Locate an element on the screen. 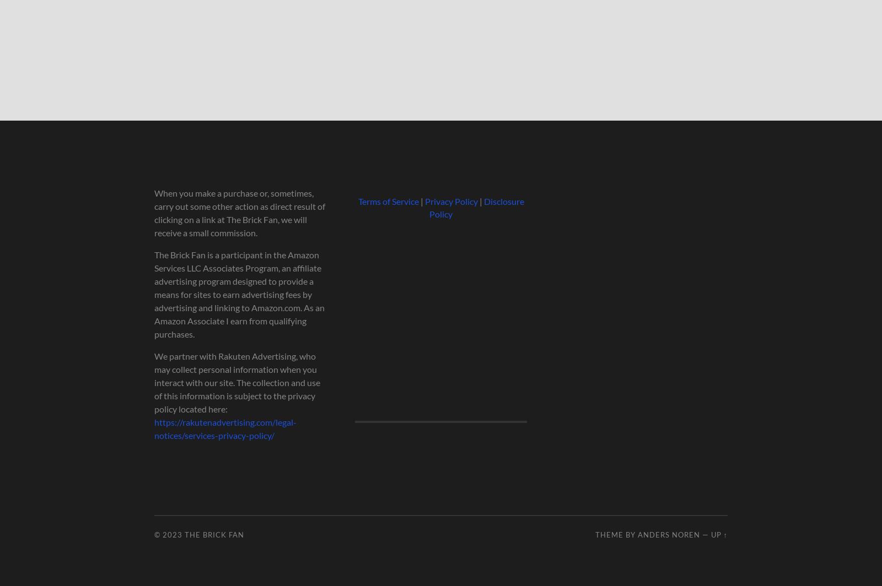  'Terms of Service' is located at coordinates (388, 201).